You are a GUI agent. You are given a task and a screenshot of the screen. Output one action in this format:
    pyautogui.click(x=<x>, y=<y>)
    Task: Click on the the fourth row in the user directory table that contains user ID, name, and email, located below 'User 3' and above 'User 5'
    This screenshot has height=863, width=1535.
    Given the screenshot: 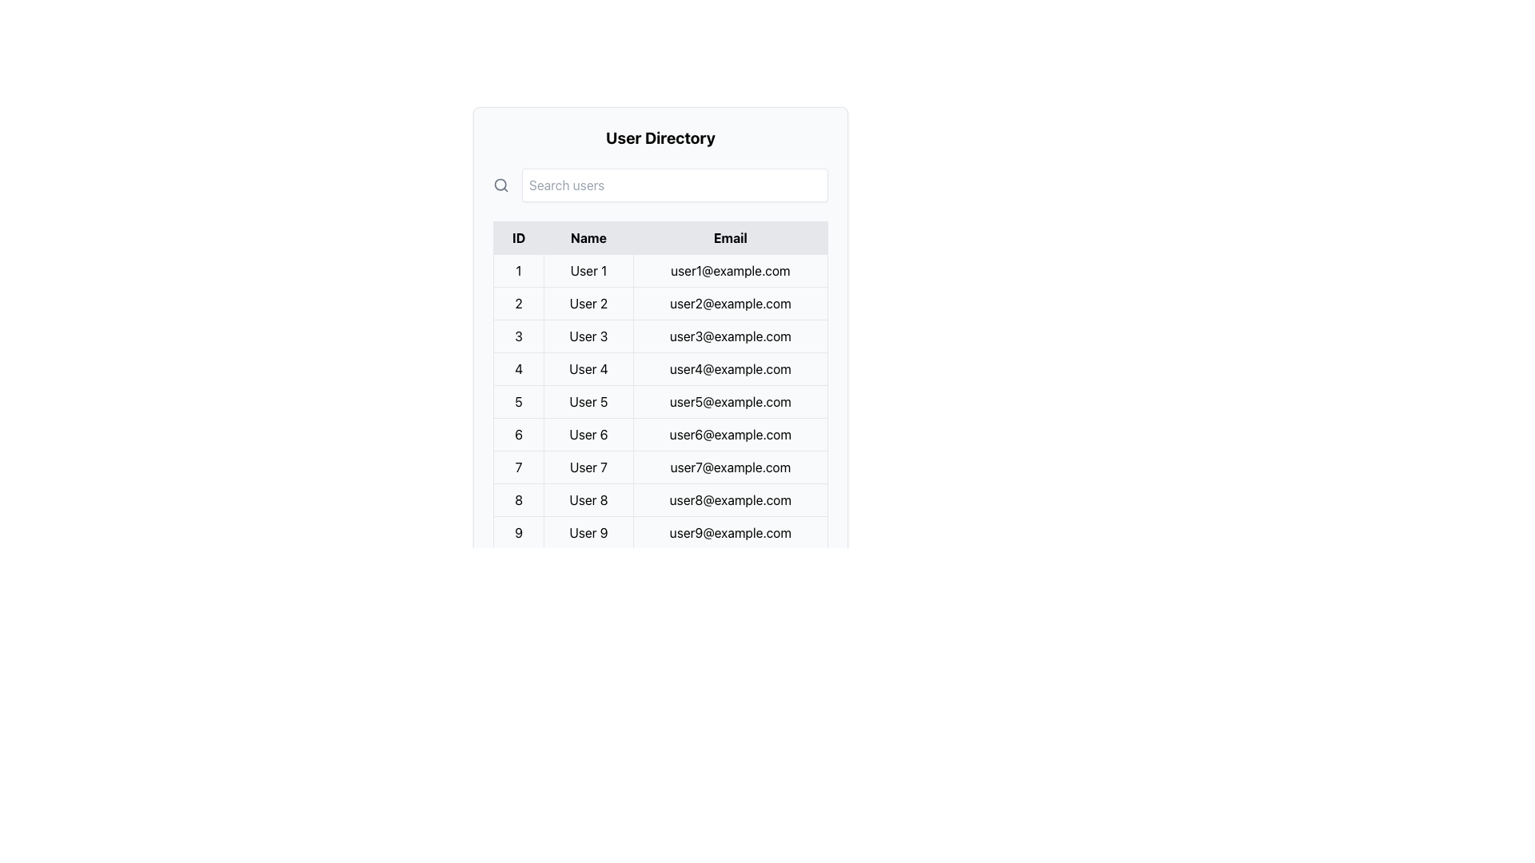 What is the action you would take?
    pyautogui.click(x=660, y=369)
    